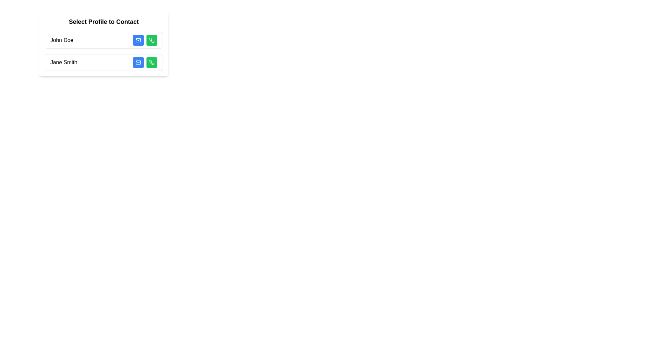 Image resolution: width=645 pixels, height=363 pixels. What do you see at coordinates (151, 62) in the screenshot?
I see `the phone receiver icon within the green button located to the right of 'Jane Smith'` at bounding box center [151, 62].